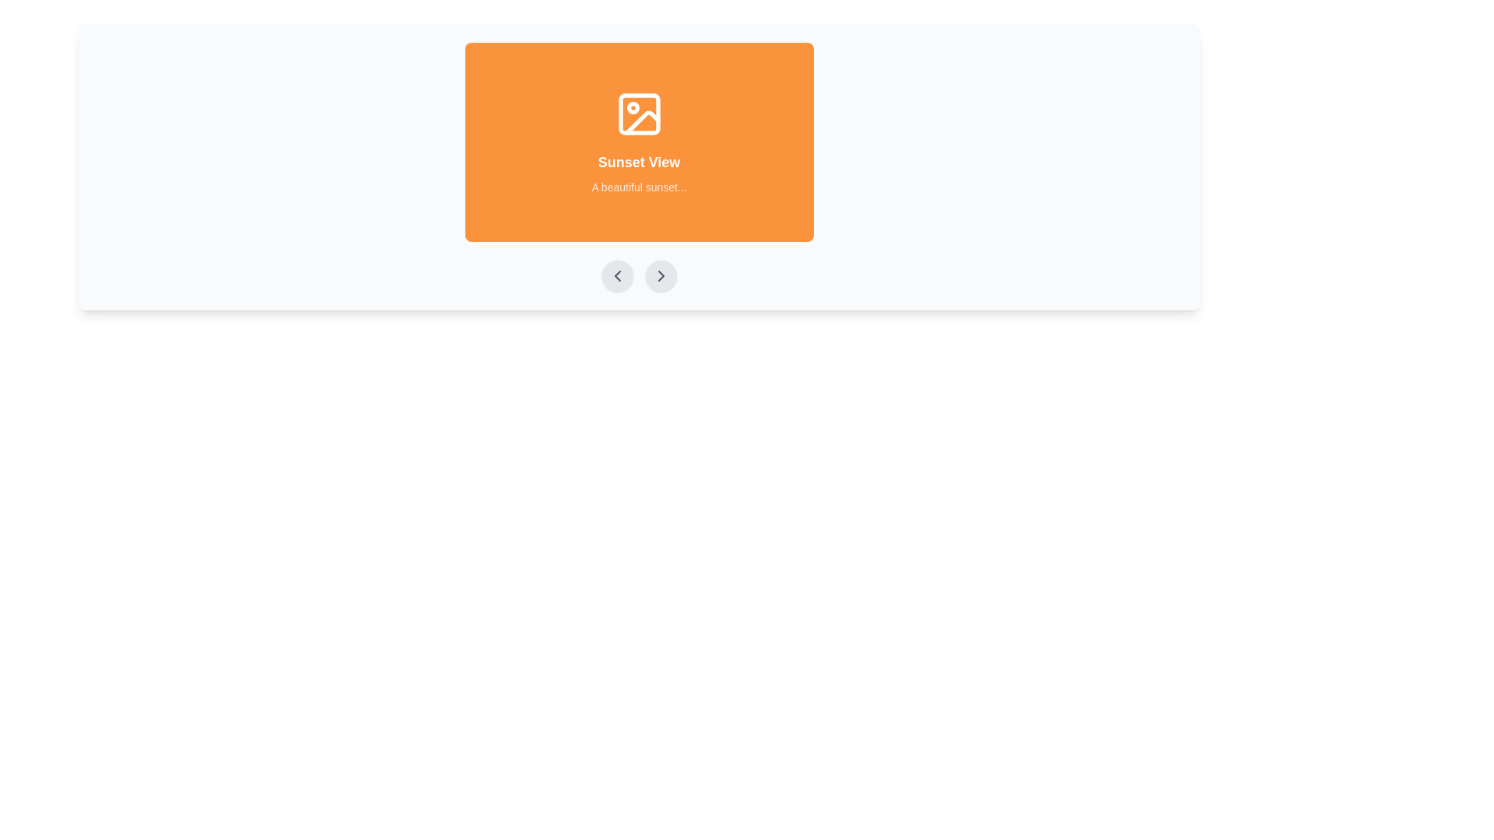 This screenshot has height=840, width=1494. I want to click on the button located at the bottom-right corner of a card interface that navigates to the next item in a sequence, so click(661, 275).